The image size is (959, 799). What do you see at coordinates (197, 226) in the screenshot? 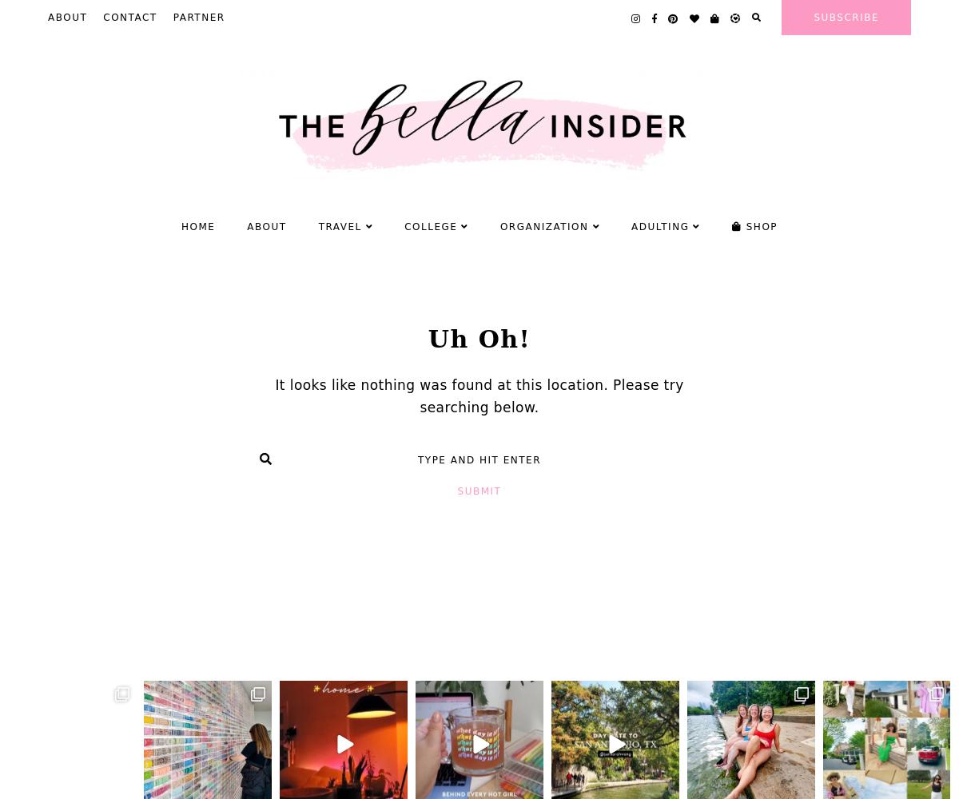
I see `'Home'` at bounding box center [197, 226].